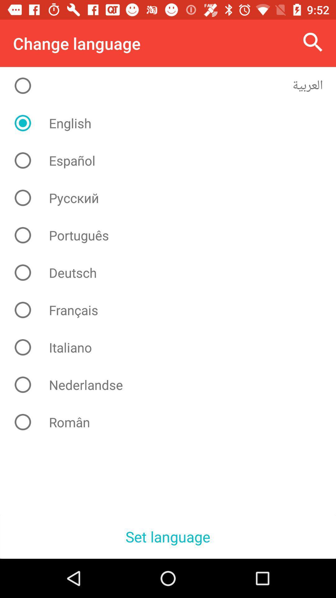  Describe the element at coordinates (173, 123) in the screenshot. I see `english item` at that location.